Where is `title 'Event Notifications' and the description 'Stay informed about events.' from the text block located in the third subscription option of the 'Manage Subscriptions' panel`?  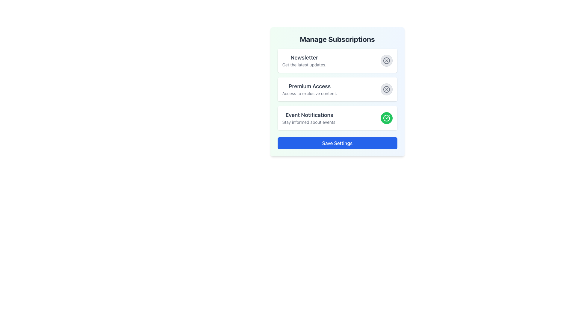 title 'Event Notifications' and the description 'Stay informed about events.' from the text block located in the third subscription option of the 'Manage Subscriptions' panel is located at coordinates (309, 118).